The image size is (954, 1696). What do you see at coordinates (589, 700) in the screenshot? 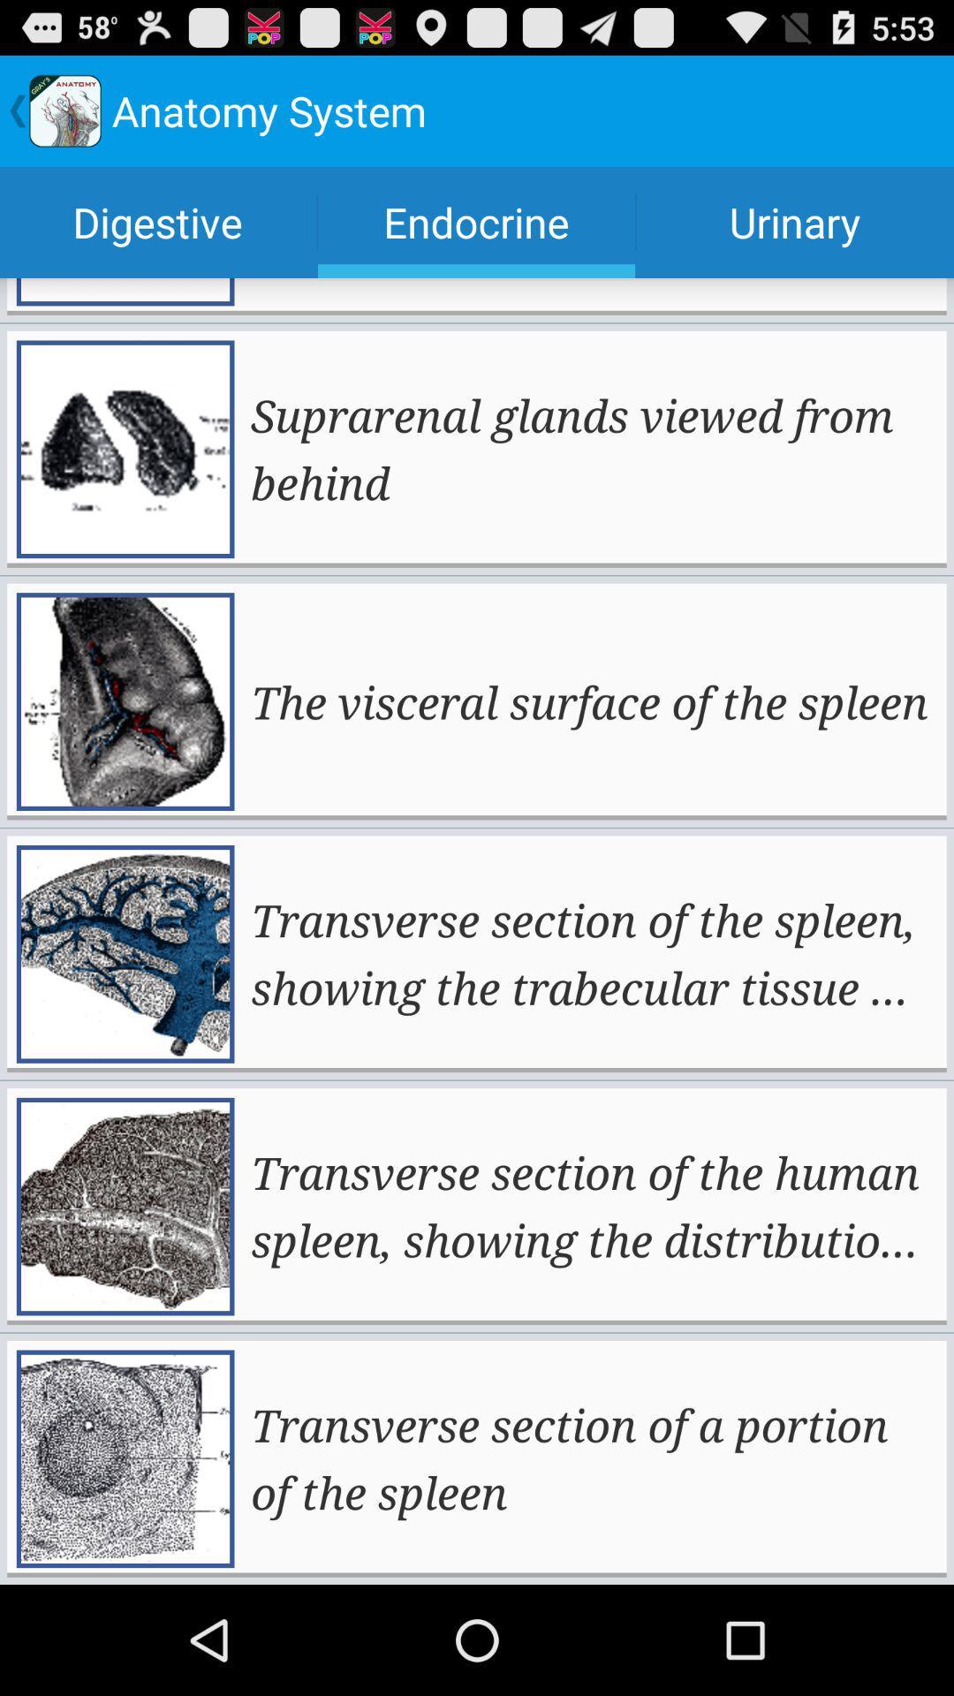
I see `the the visceral surface icon` at bounding box center [589, 700].